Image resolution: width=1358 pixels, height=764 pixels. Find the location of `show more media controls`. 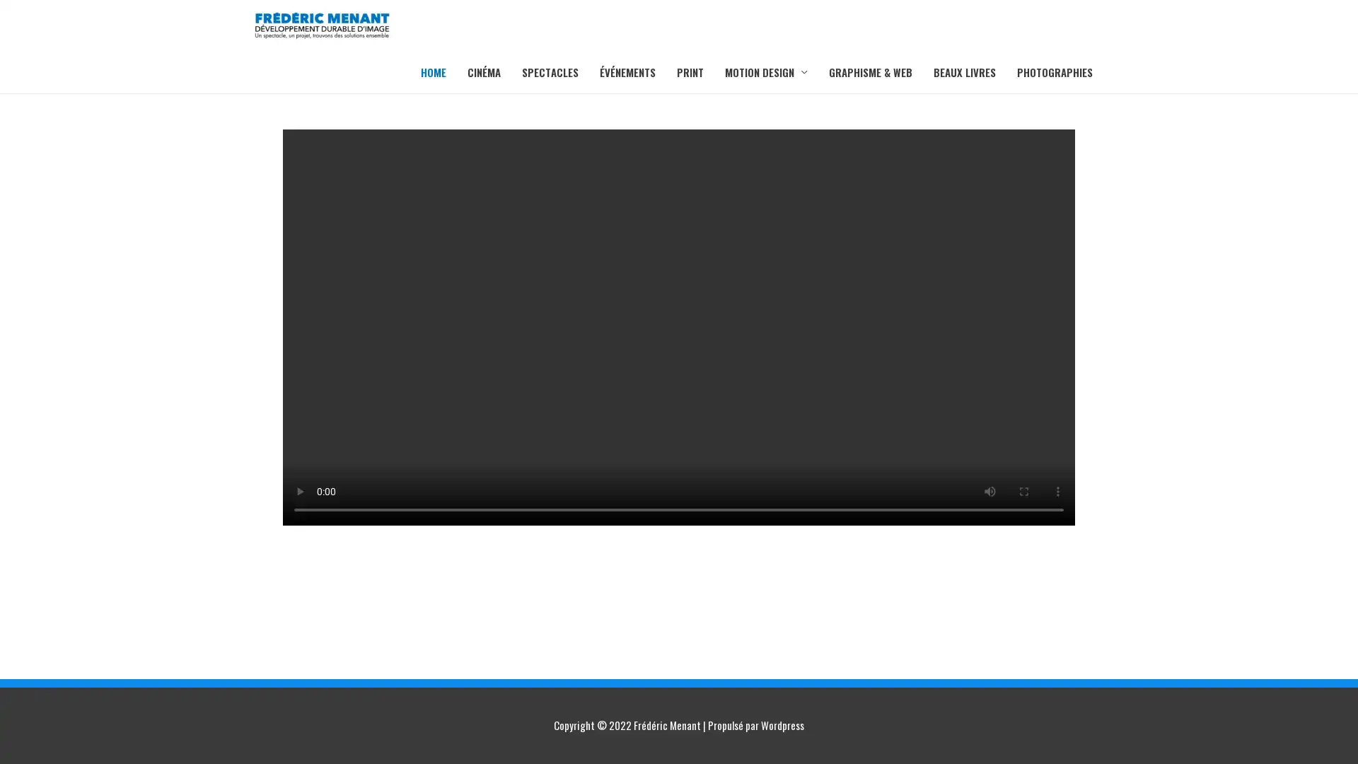

show more media controls is located at coordinates (1058, 490).